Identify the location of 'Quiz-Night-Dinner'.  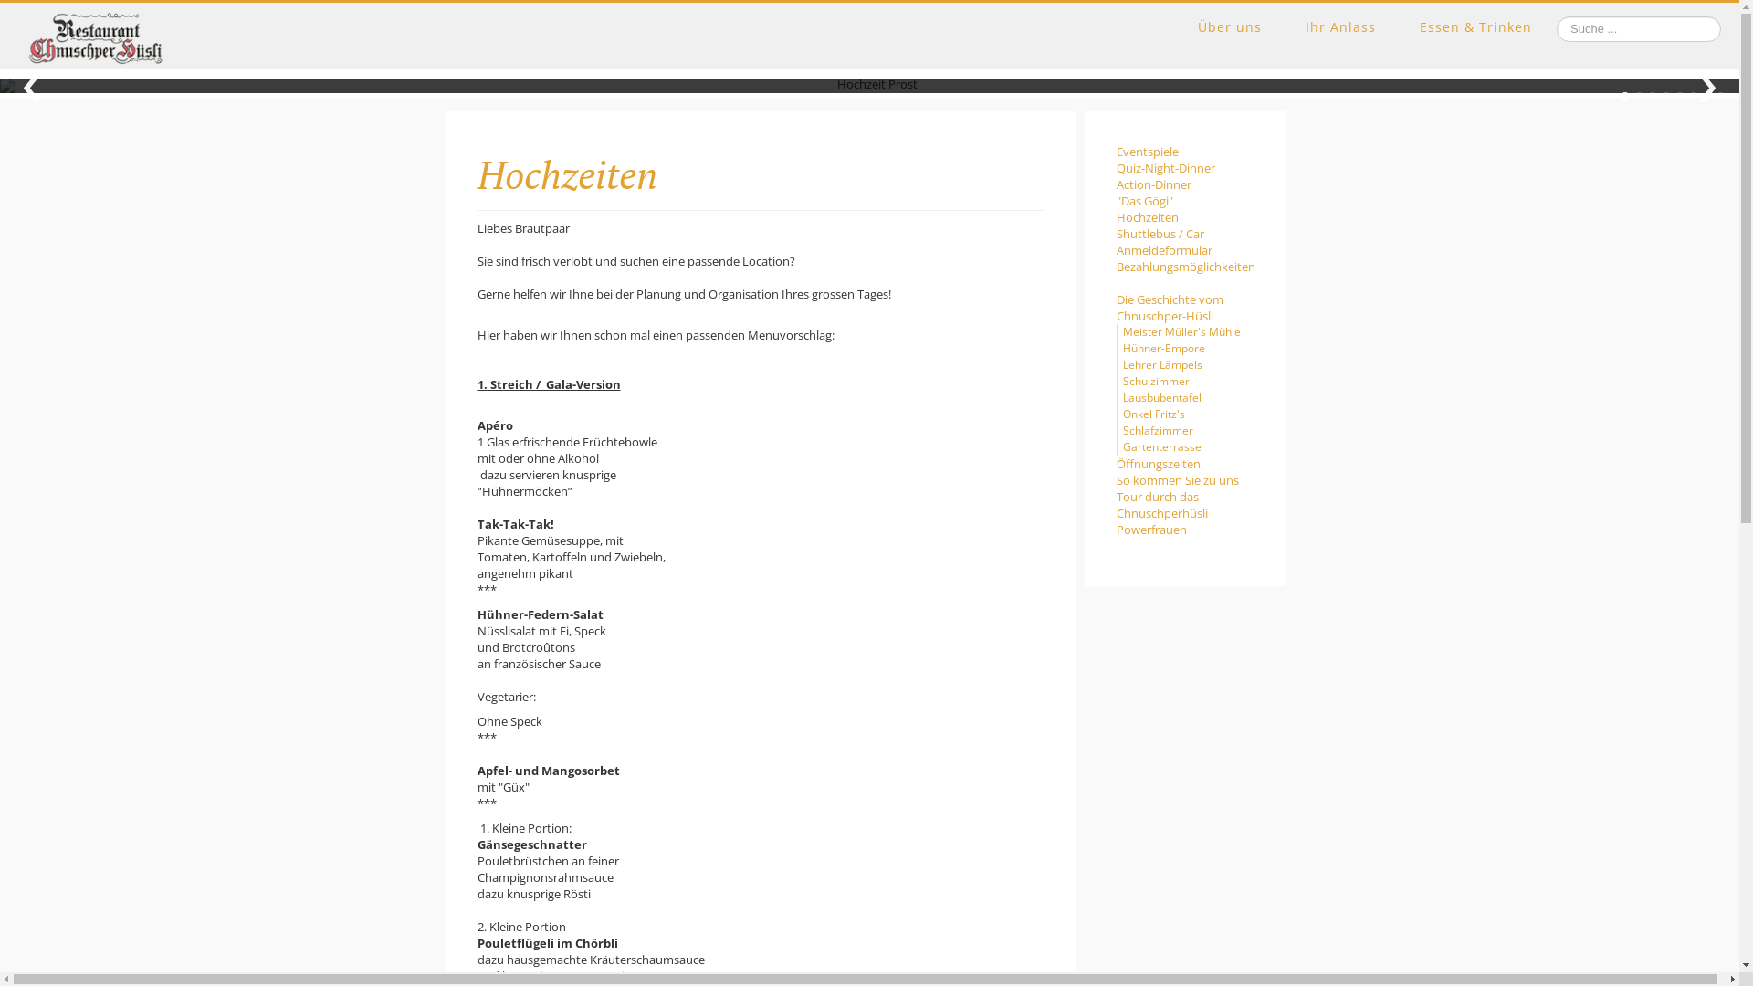
(1115, 168).